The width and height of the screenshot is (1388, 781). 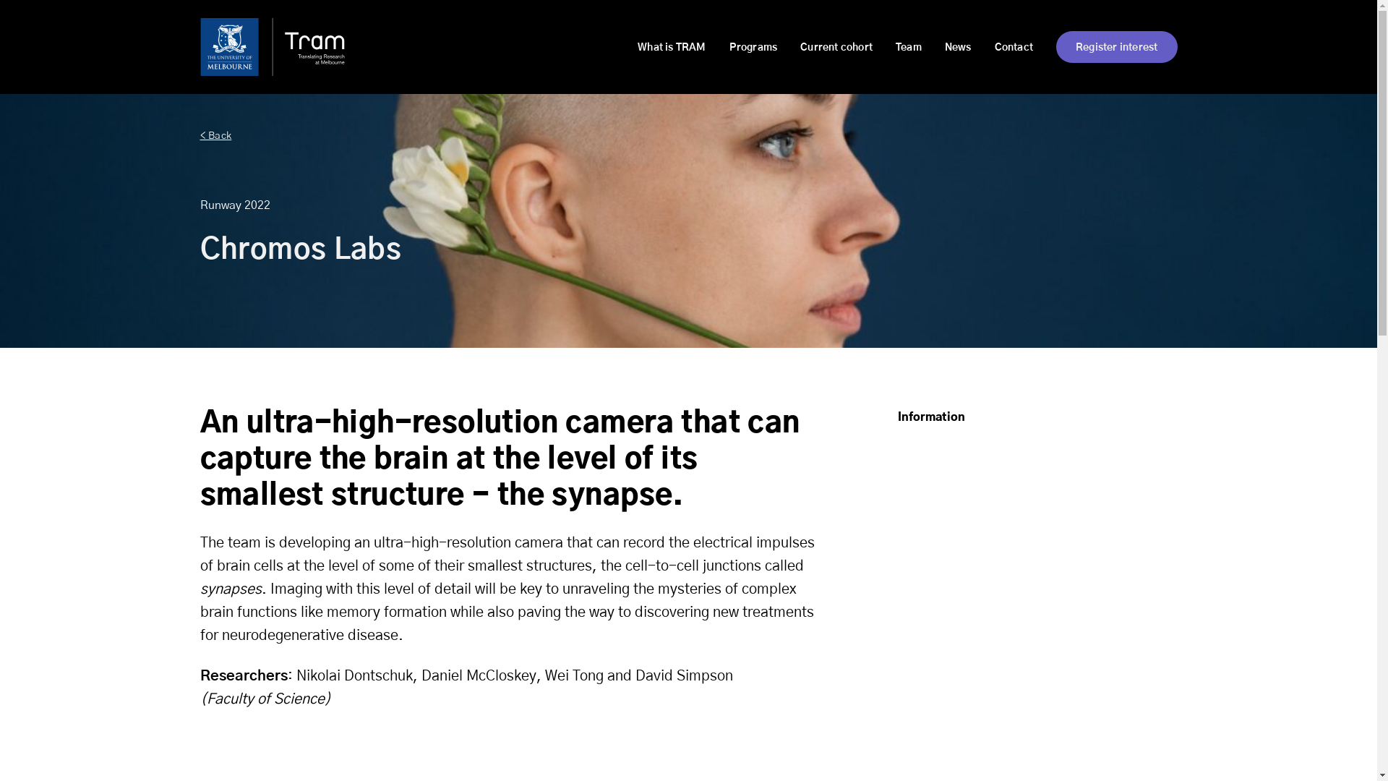 I want to click on 'Programs', so click(x=742, y=46).